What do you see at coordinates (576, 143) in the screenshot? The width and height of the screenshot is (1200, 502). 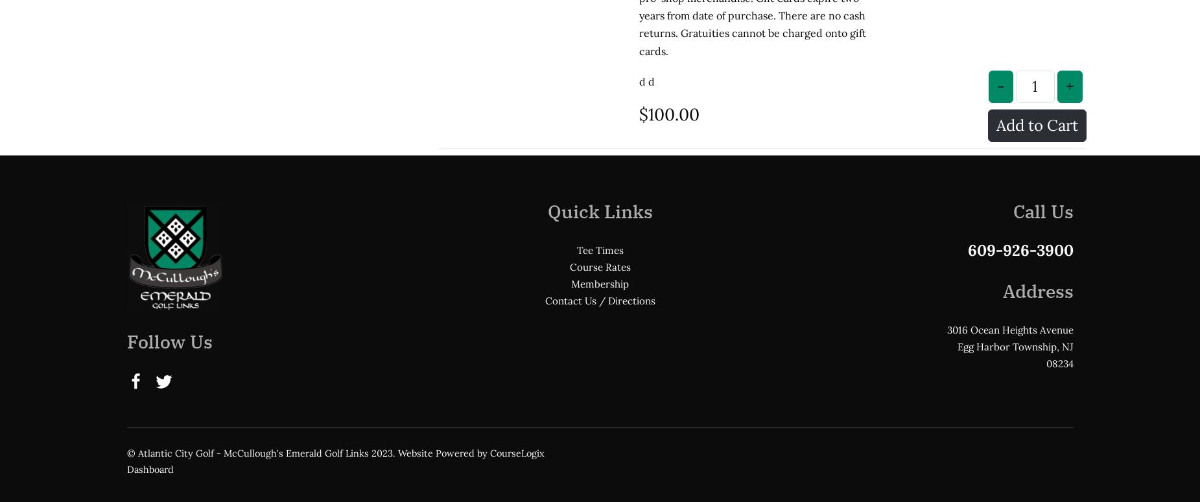 I see `'Tee Times'` at bounding box center [576, 143].